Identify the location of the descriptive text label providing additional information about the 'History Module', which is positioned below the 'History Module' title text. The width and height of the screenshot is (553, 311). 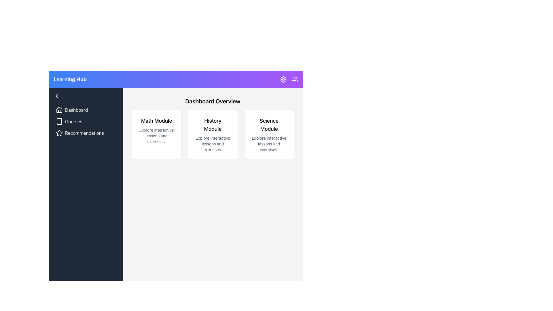
(213, 144).